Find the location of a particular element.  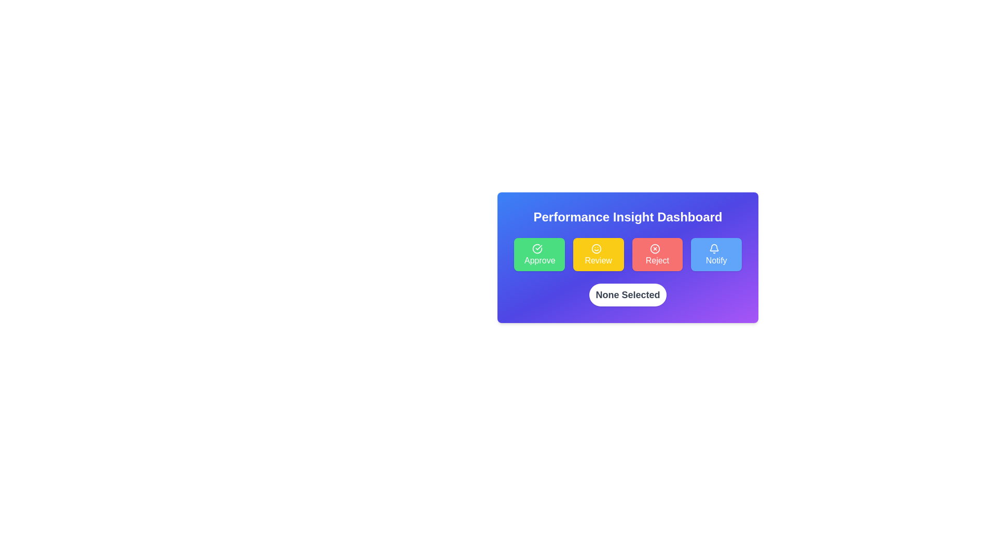

the circular outline icon, which is part of an SVG-based graphical symbol on the dashboard interface is located at coordinates (655, 248).